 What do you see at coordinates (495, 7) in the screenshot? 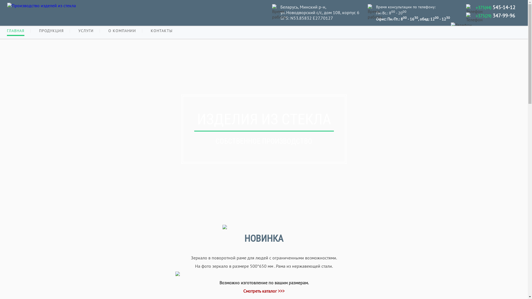
I see `'+375(44) 545-14-12'` at bounding box center [495, 7].